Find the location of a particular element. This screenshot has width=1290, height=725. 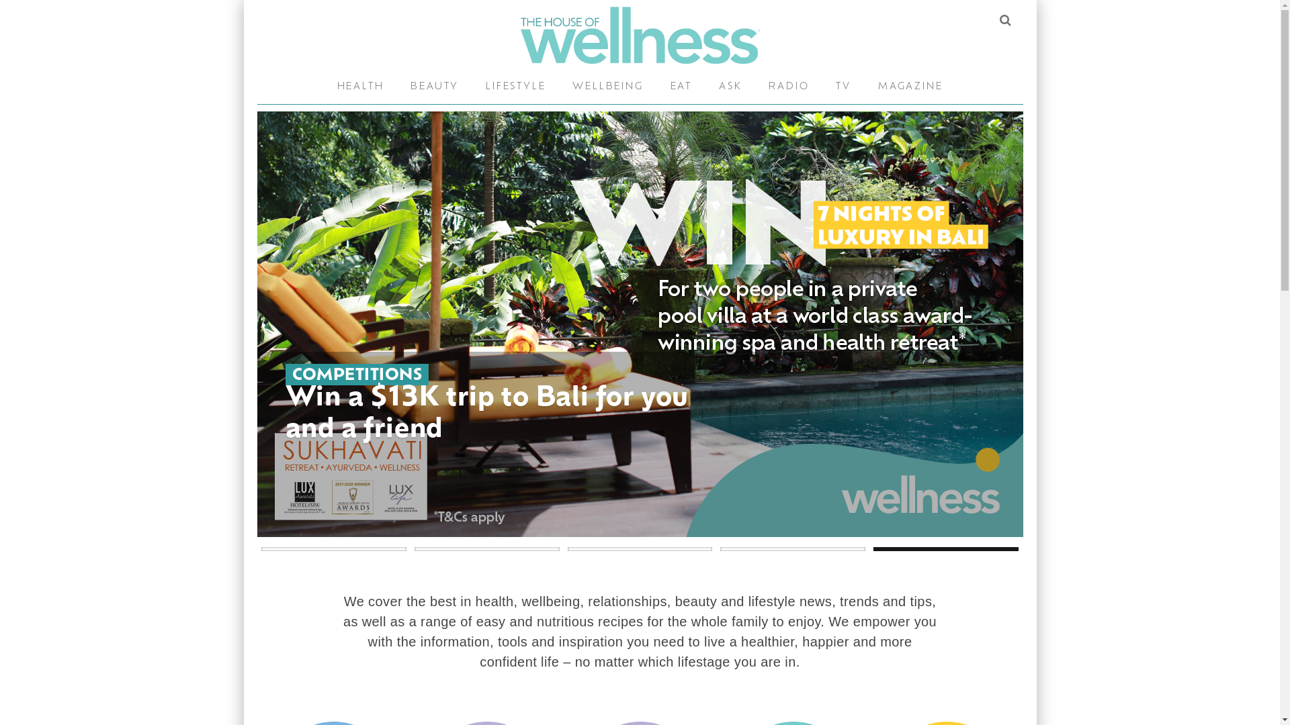

'TV' is located at coordinates (843, 87).